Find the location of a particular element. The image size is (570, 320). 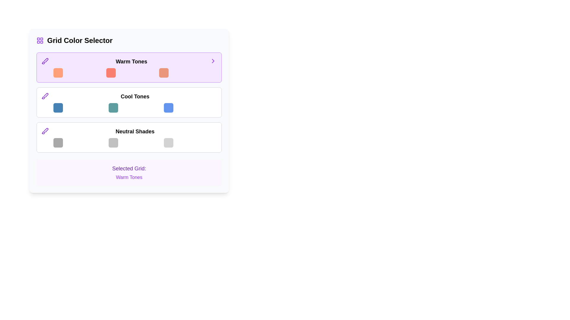

the navigational icon located in the top right corner of the 'Warm Tones' section is located at coordinates (213, 61).